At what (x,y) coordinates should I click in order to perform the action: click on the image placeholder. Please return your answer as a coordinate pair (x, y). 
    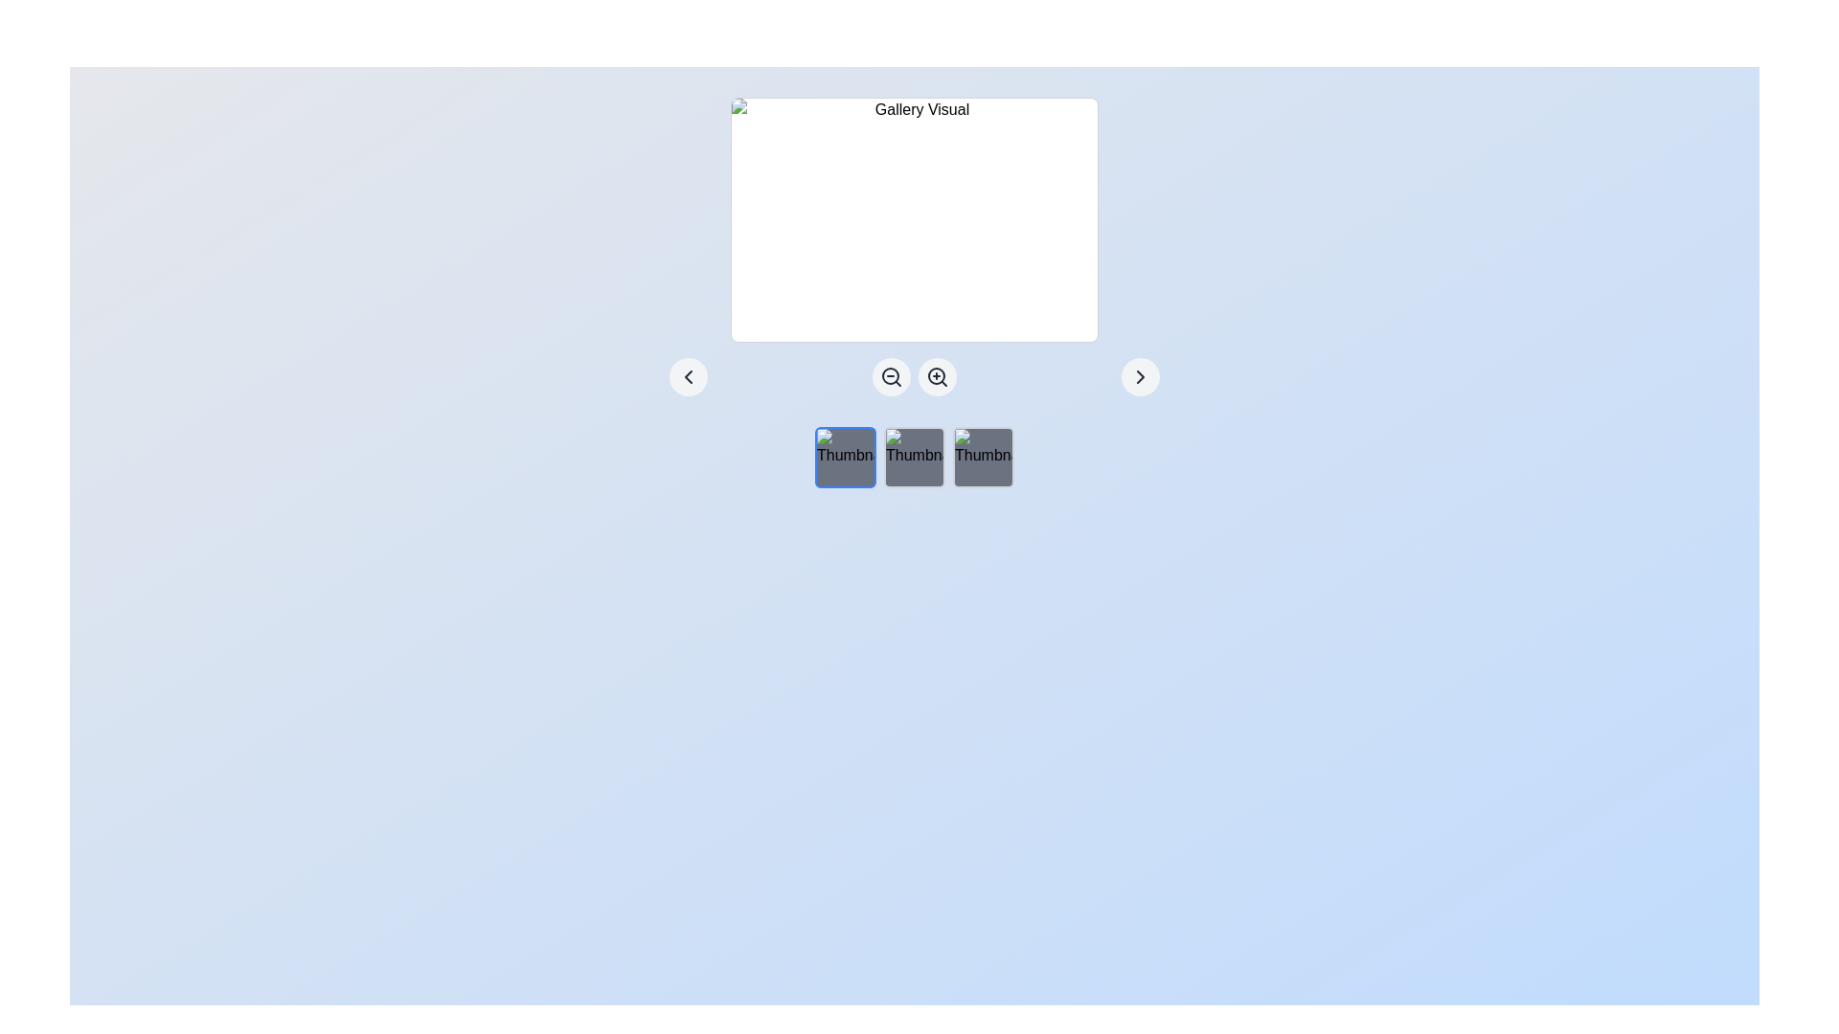
    Looking at the image, I should click on (914, 219).